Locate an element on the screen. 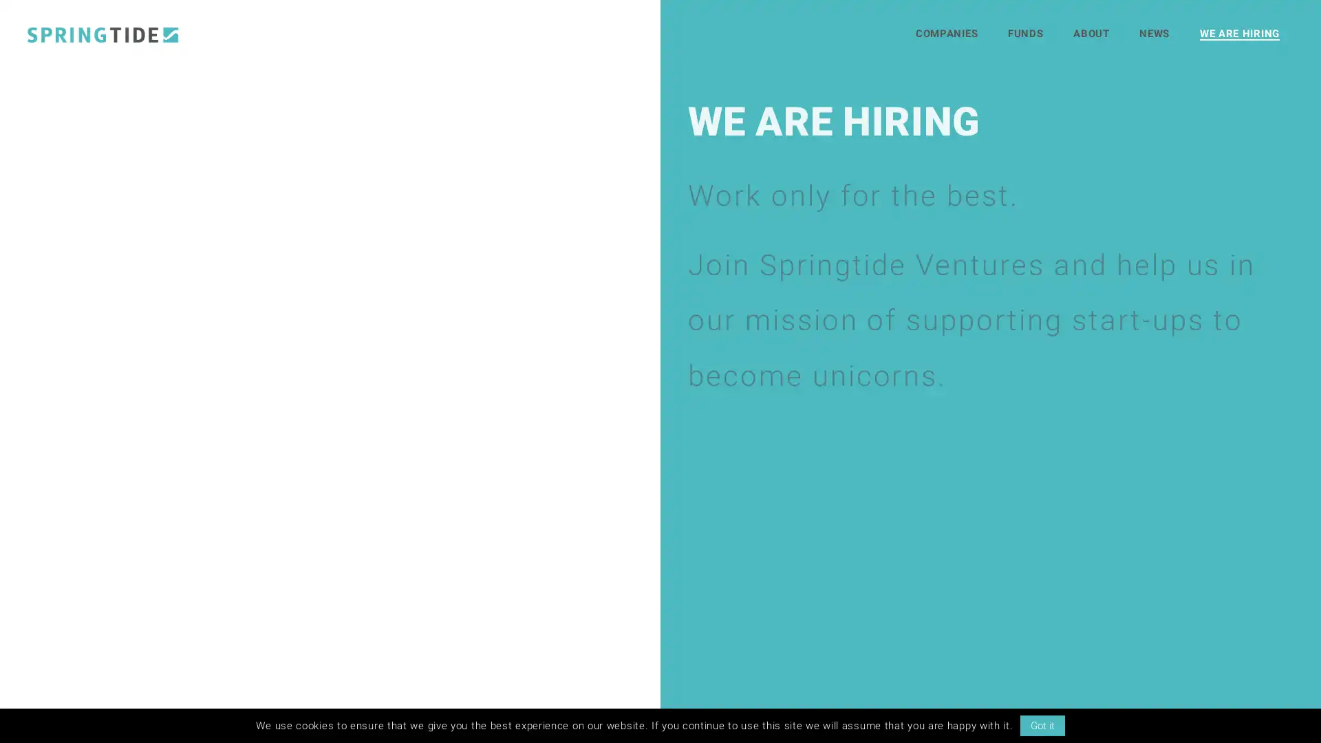  Got it is located at coordinates (1042, 725).